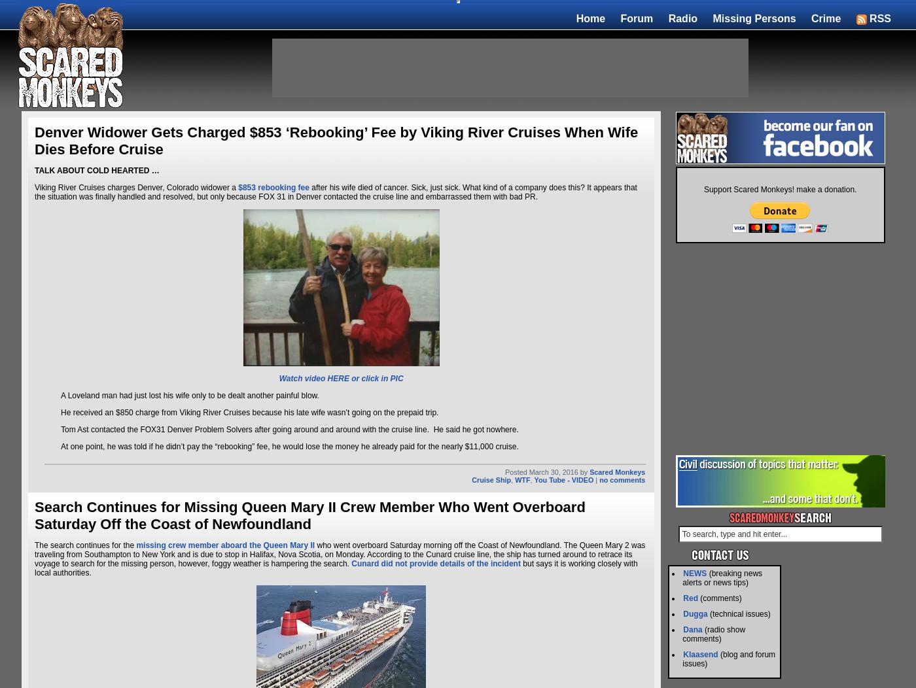 This screenshot has height=688, width=916. Describe the element at coordinates (547, 472) in the screenshot. I see `'Posted March 30, 2016 by'` at that location.